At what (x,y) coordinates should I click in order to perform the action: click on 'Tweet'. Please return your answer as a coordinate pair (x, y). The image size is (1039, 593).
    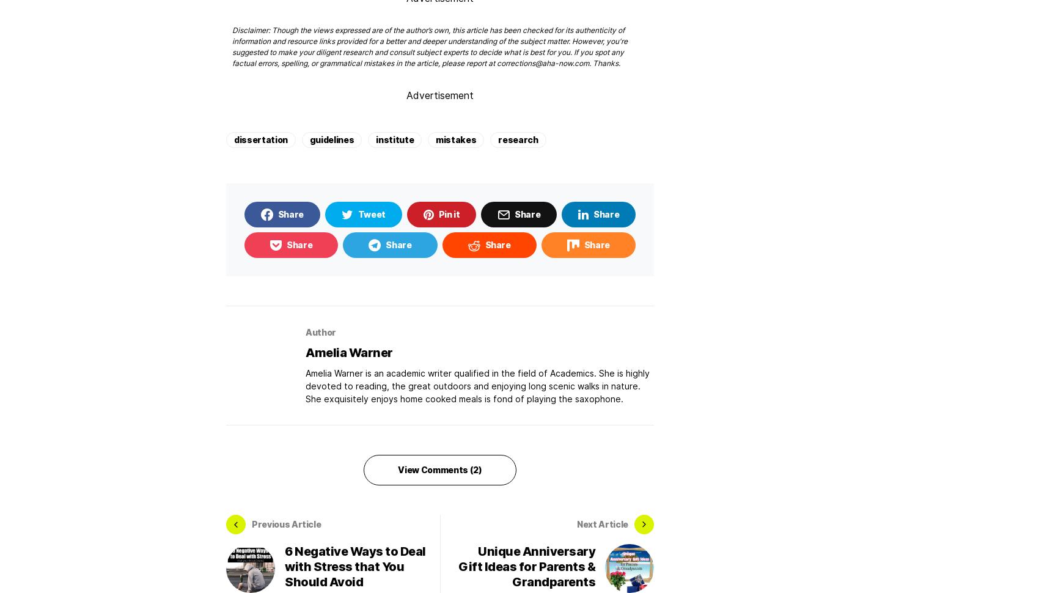
    Looking at the image, I should click on (356, 213).